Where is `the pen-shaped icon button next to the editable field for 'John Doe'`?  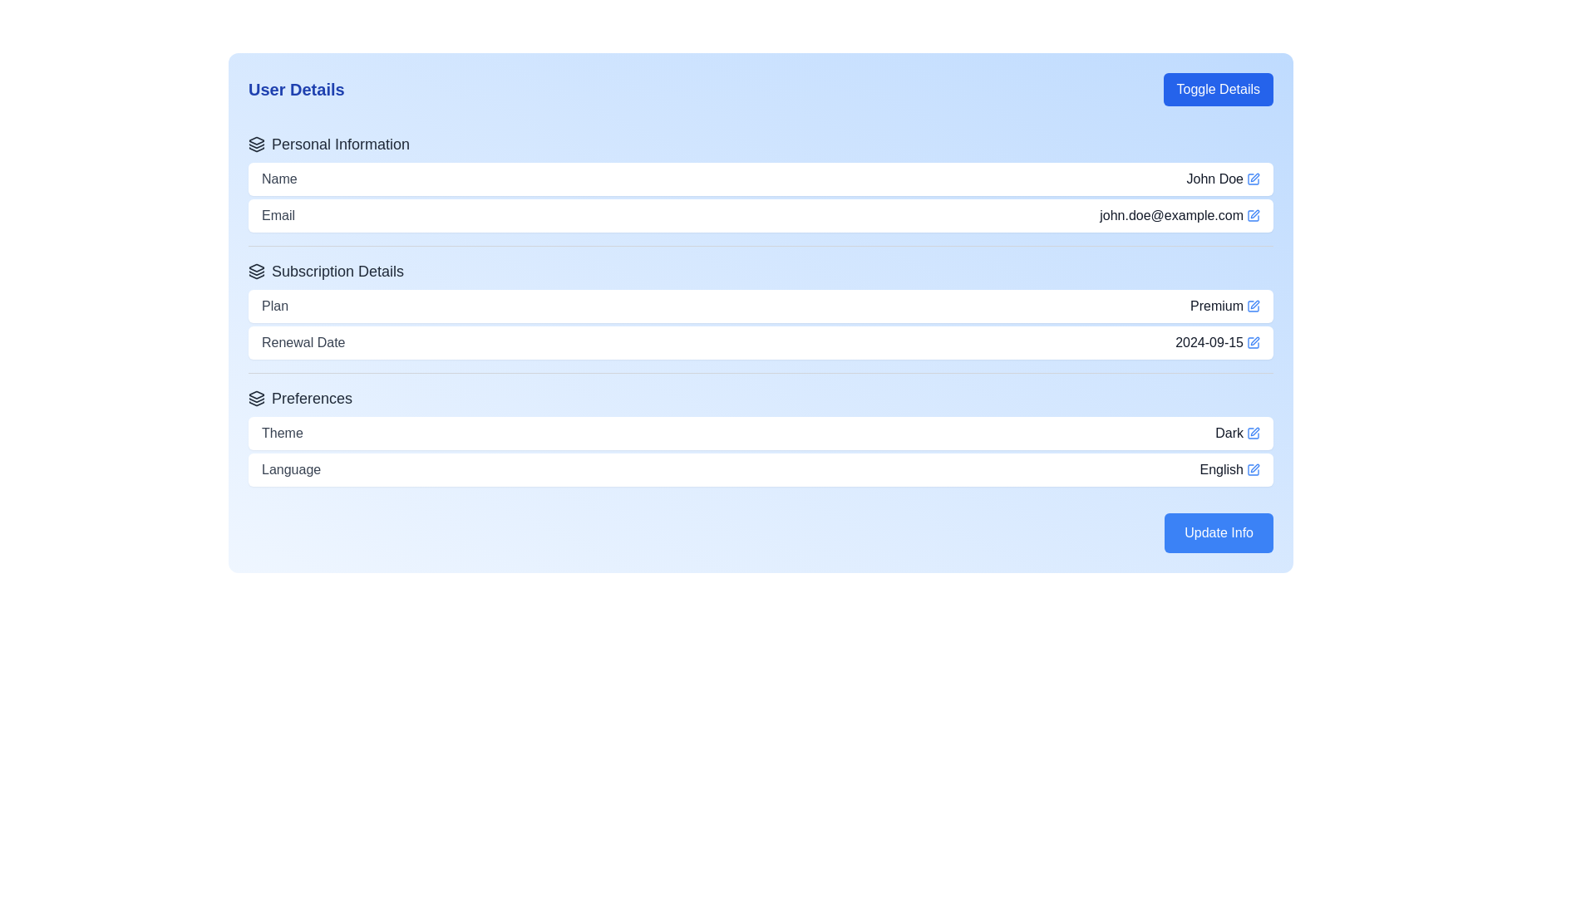 the pen-shaped icon button next to the editable field for 'John Doe' is located at coordinates (1255, 177).